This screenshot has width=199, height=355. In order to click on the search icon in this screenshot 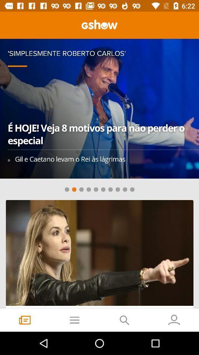, I will do `click(124, 319)`.